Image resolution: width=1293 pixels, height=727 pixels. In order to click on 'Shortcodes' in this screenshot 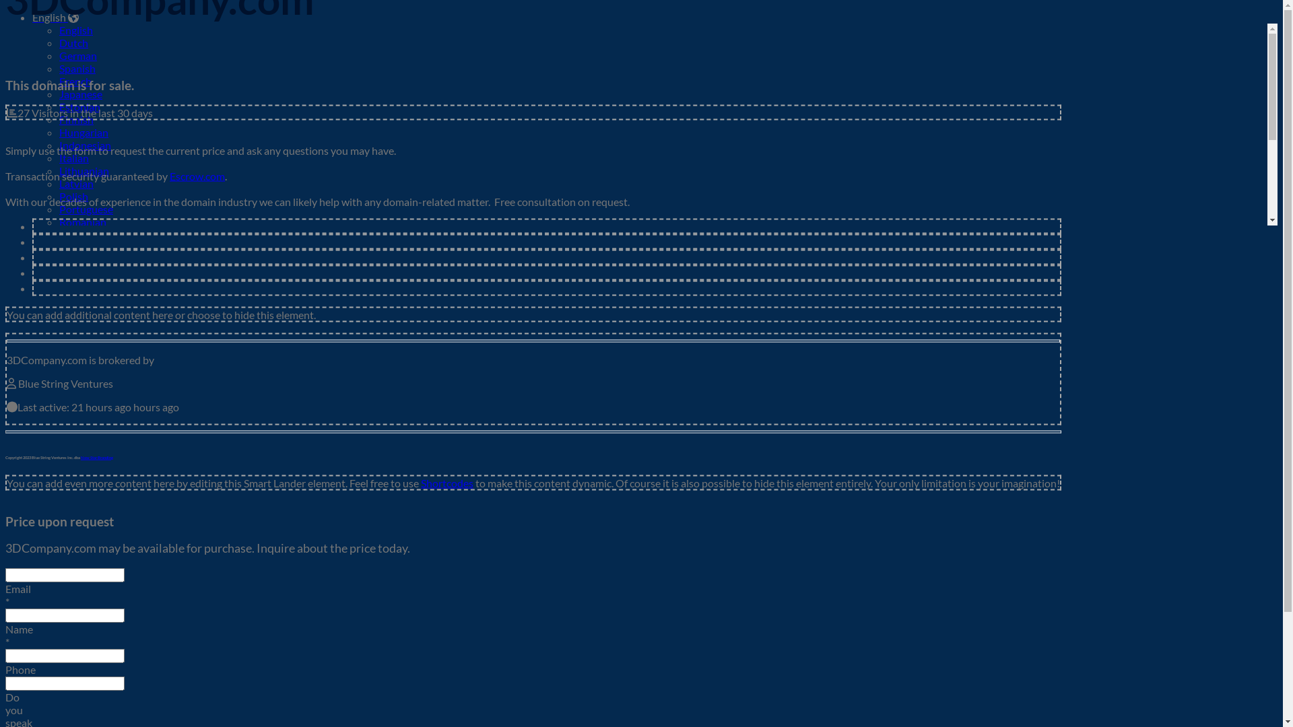, I will do `click(446, 481)`.